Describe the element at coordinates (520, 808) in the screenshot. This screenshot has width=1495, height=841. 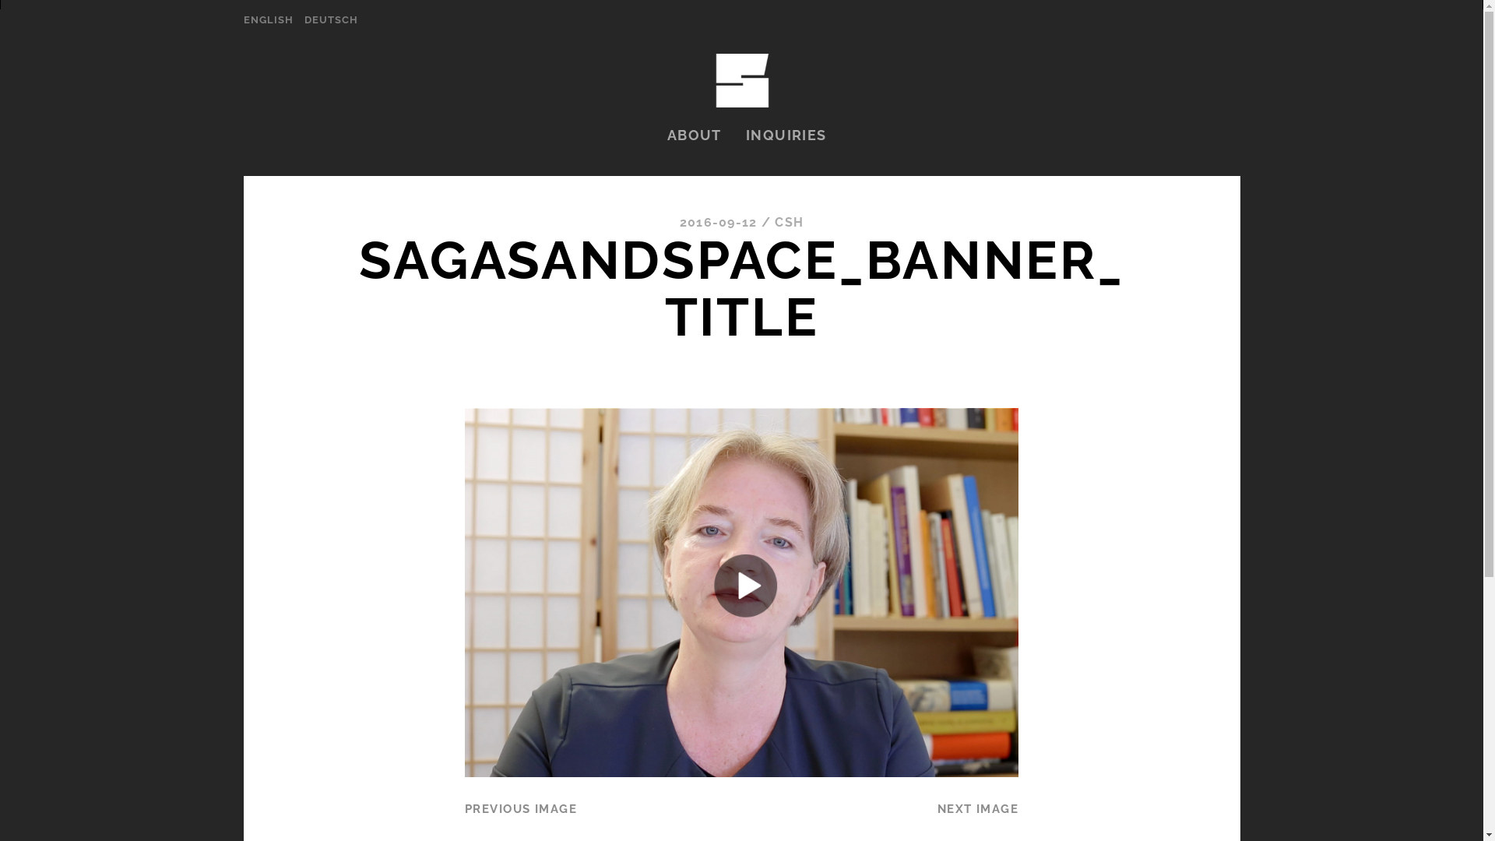
I see `'PREVIOUS IMAGE'` at that location.